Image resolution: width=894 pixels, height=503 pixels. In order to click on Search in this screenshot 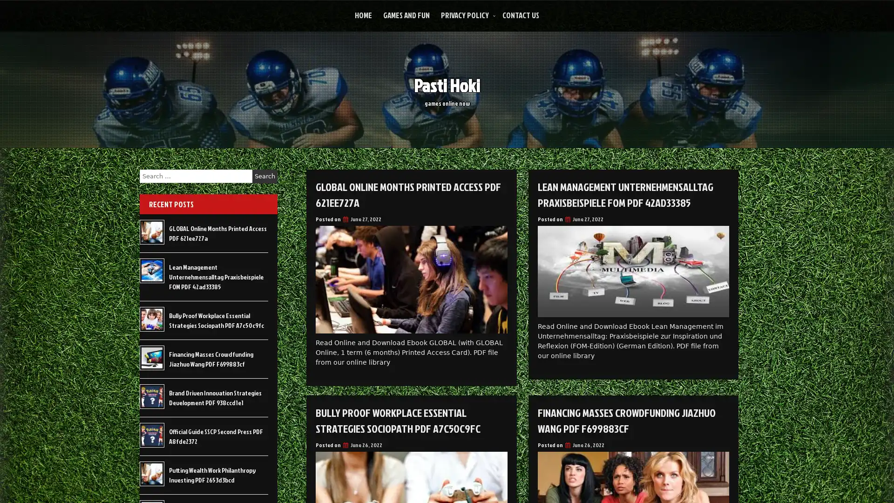, I will do `click(264, 176)`.